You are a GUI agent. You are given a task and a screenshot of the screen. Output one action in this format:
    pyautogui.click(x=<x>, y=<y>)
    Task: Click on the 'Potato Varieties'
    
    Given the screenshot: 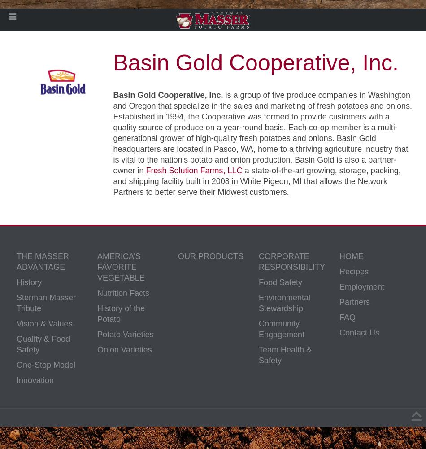 What is the action you would take?
    pyautogui.click(x=125, y=334)
    